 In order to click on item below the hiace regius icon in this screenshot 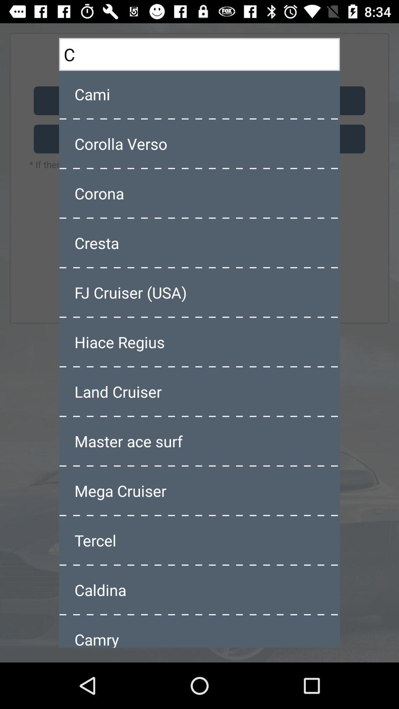, I will do `click(199, 391)`.